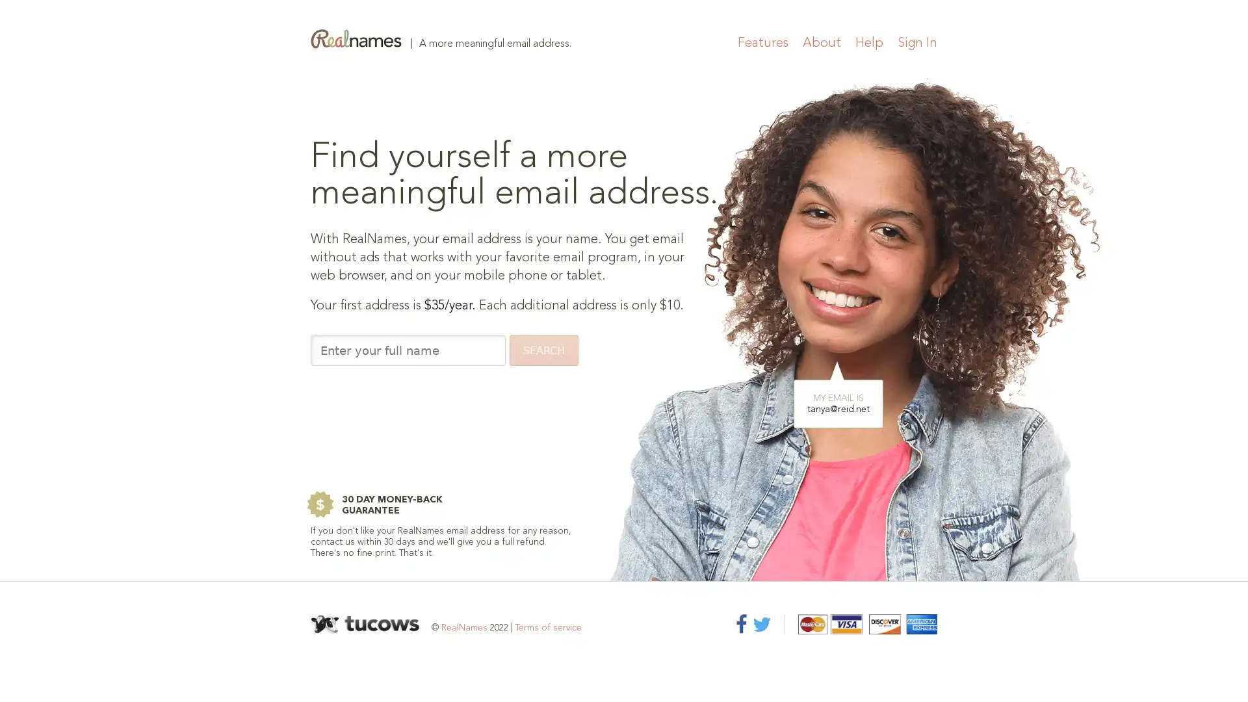 This screenshot has width=1248, height=702. Describe the element at coordinates (543, 350) in the screenshot. I see `SEARCH` at that location.